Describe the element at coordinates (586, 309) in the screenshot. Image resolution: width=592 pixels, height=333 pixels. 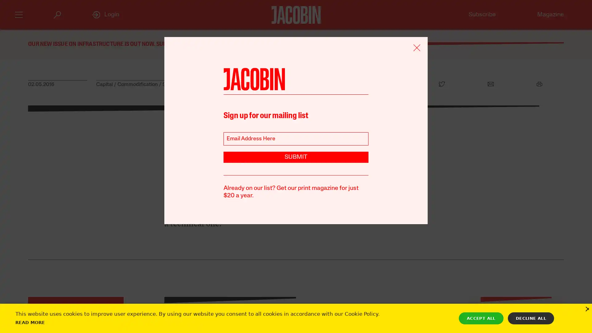
I see `Close` at that location.